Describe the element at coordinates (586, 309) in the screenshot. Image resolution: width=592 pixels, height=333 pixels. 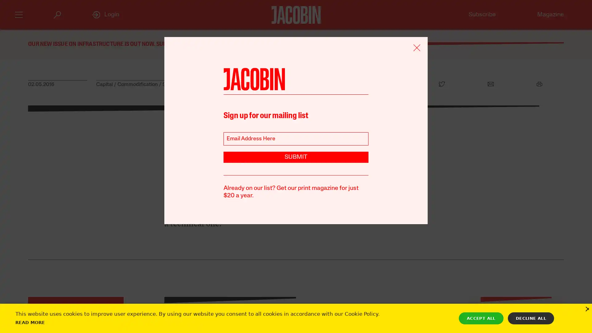
I see `Close` at that location.